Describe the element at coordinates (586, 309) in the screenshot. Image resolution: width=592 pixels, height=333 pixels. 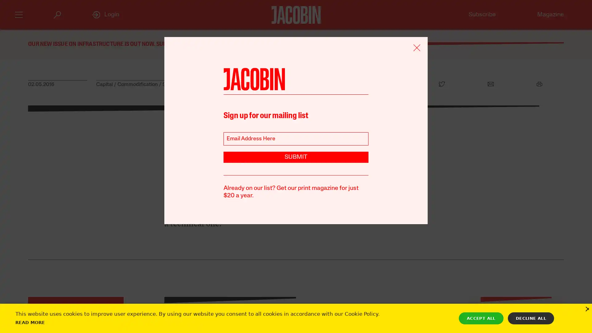
I see `Close` at that location.